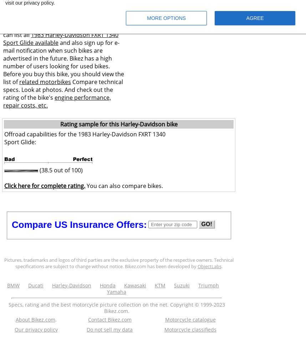  I want to click on 'or', so click(21, 27).